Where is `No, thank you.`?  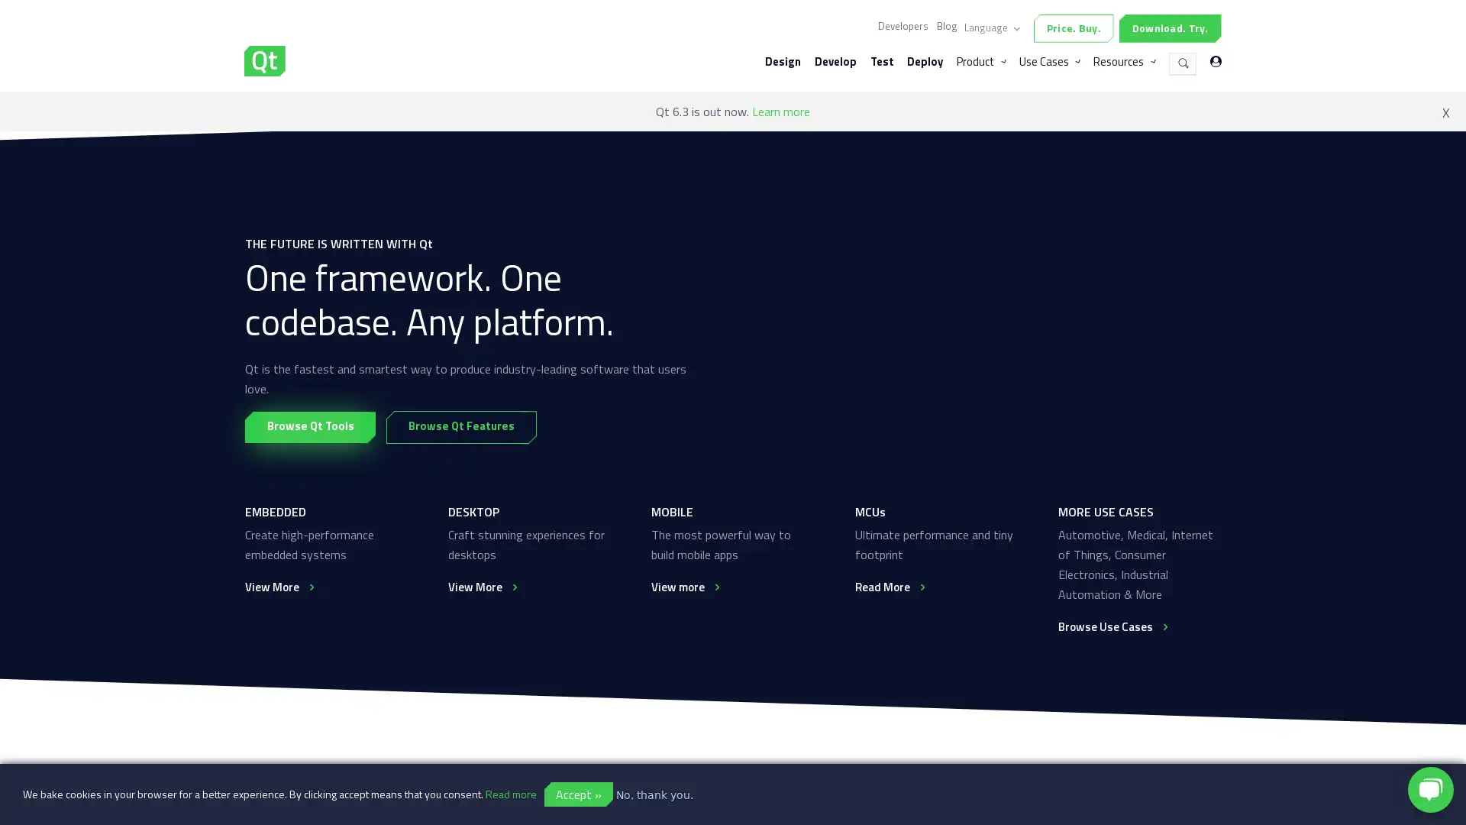 No, thank you. is located at coordinates (654, 794).